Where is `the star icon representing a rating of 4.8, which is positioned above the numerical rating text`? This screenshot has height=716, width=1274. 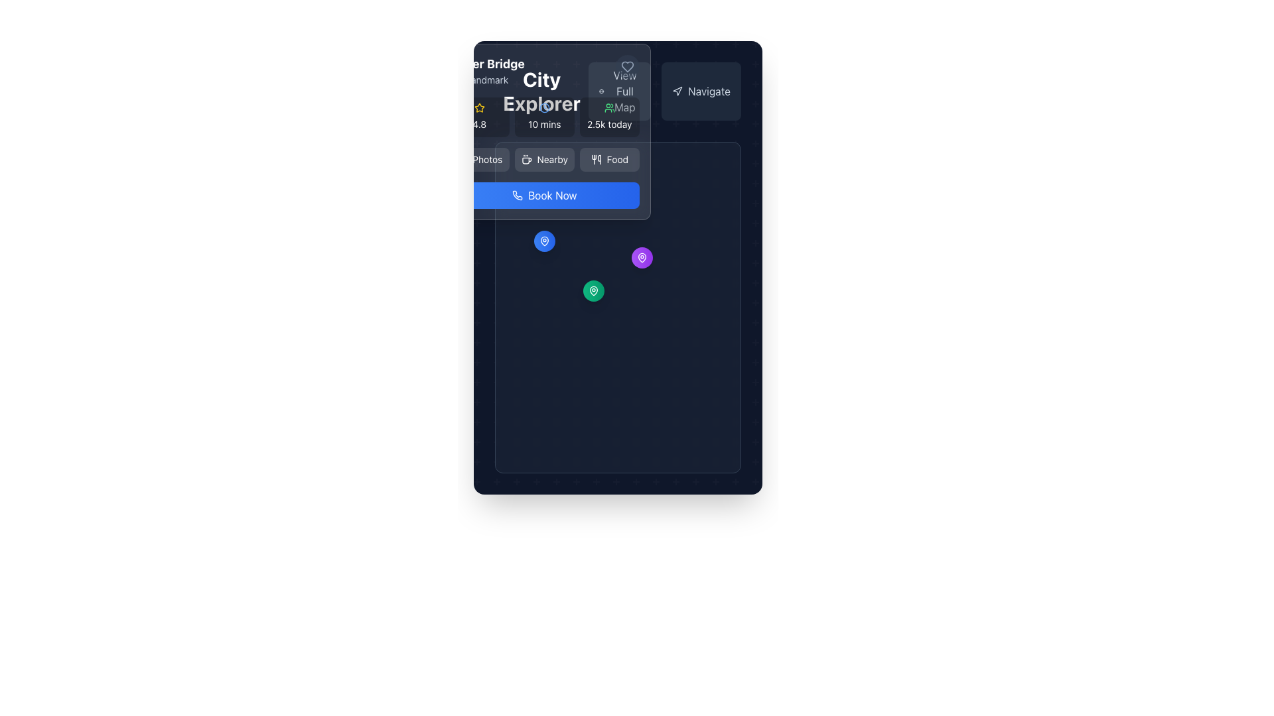 the star icon representing a rating of 4.8, which is positioned above the numerical rating text is located at coordinates (478, 107).